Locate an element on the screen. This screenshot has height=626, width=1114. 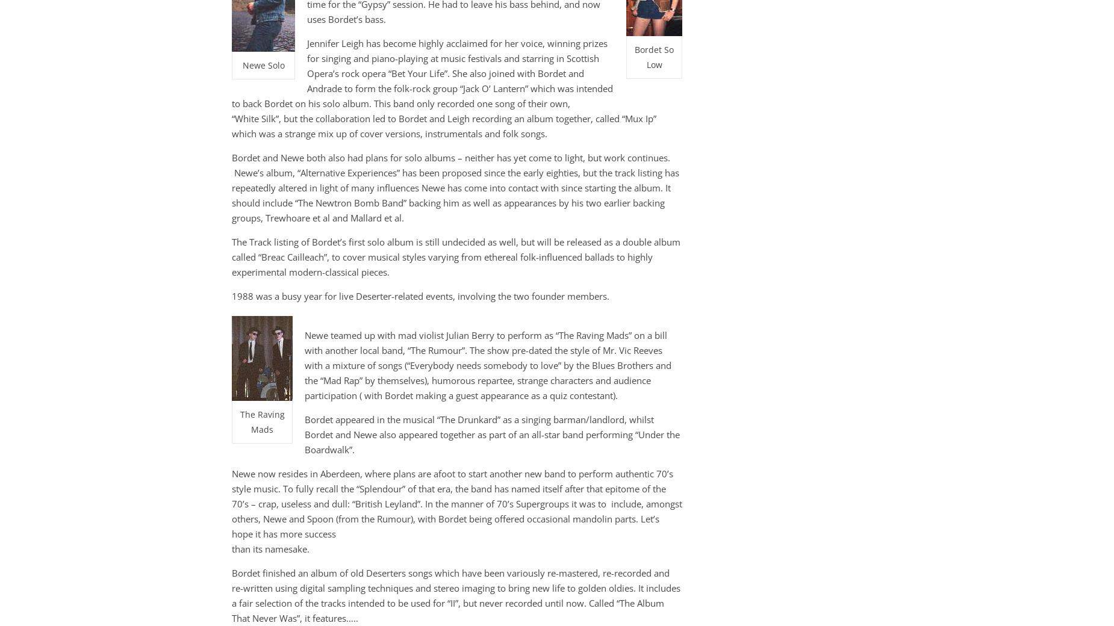
'Newe teamed up with mad violist Julian Berry to perform as “The Raving Mads” on a bill with another local band, “The Rumour”. The show pre-dated the style of Mr. Vic Reeves with a mixture of songs (“Everybody needs somebody to love” by the Blues Brothers and the “Mad Rap” by themselves), humorous repartee, strange characters and audience participation ( with Bordet making a guest appearance as a quiz contestant).' is located at coordinates (488, 365).